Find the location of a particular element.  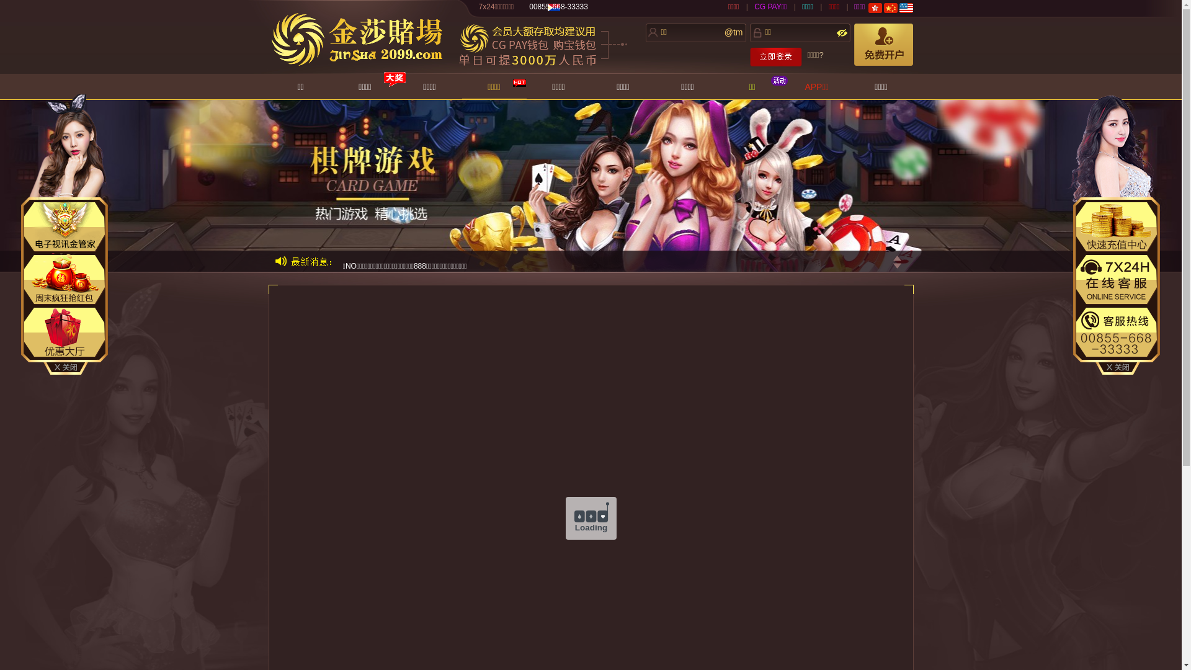

'English' is located at coordinates (906, 7).